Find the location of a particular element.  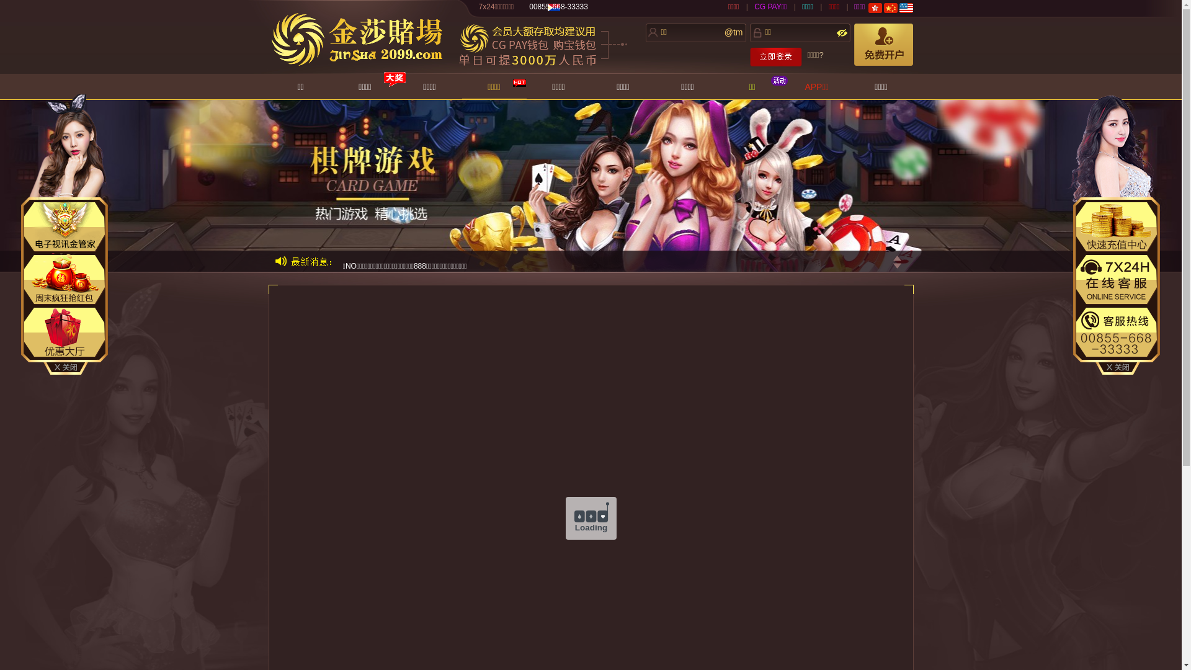

'English' is located at coordinates (906, 7).